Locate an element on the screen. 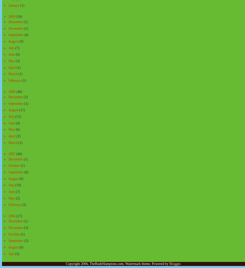 The height and width of the screenshot is (268, 245). '(34)' is located at coordinates (19, 16).